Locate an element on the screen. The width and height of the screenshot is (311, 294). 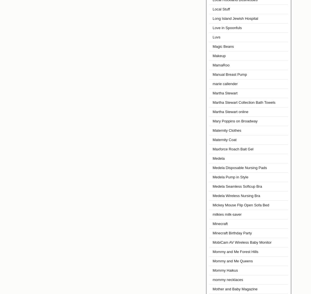
'Medela Seamless Softcup Bra' is located at coordinates (237, 186).